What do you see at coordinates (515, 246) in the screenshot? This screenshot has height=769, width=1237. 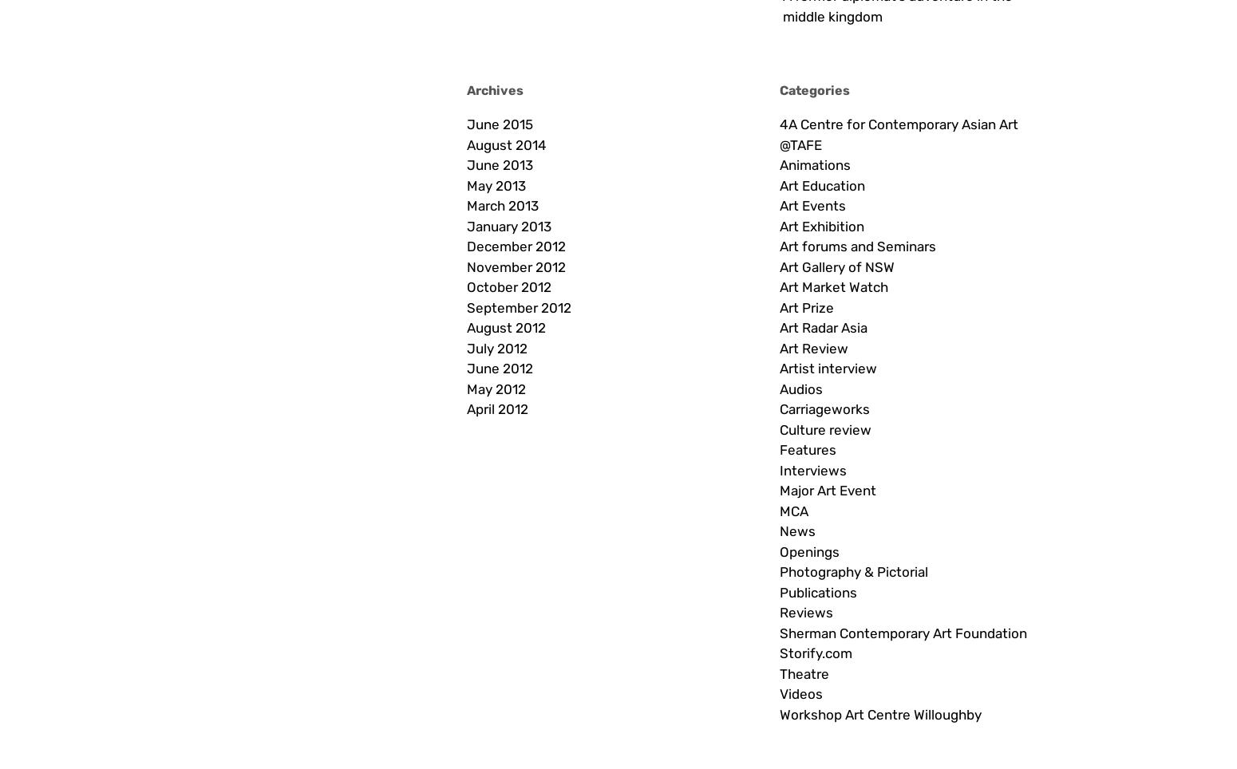 I see `'December 2012'` at bounding box center [515, 246].